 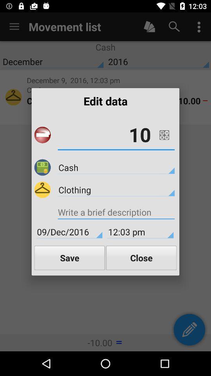 What do you see at coordinates (116, 213) in the screenshot?
I see `the icon above 09/dec/2016 item` at bounding box center [116, 213].